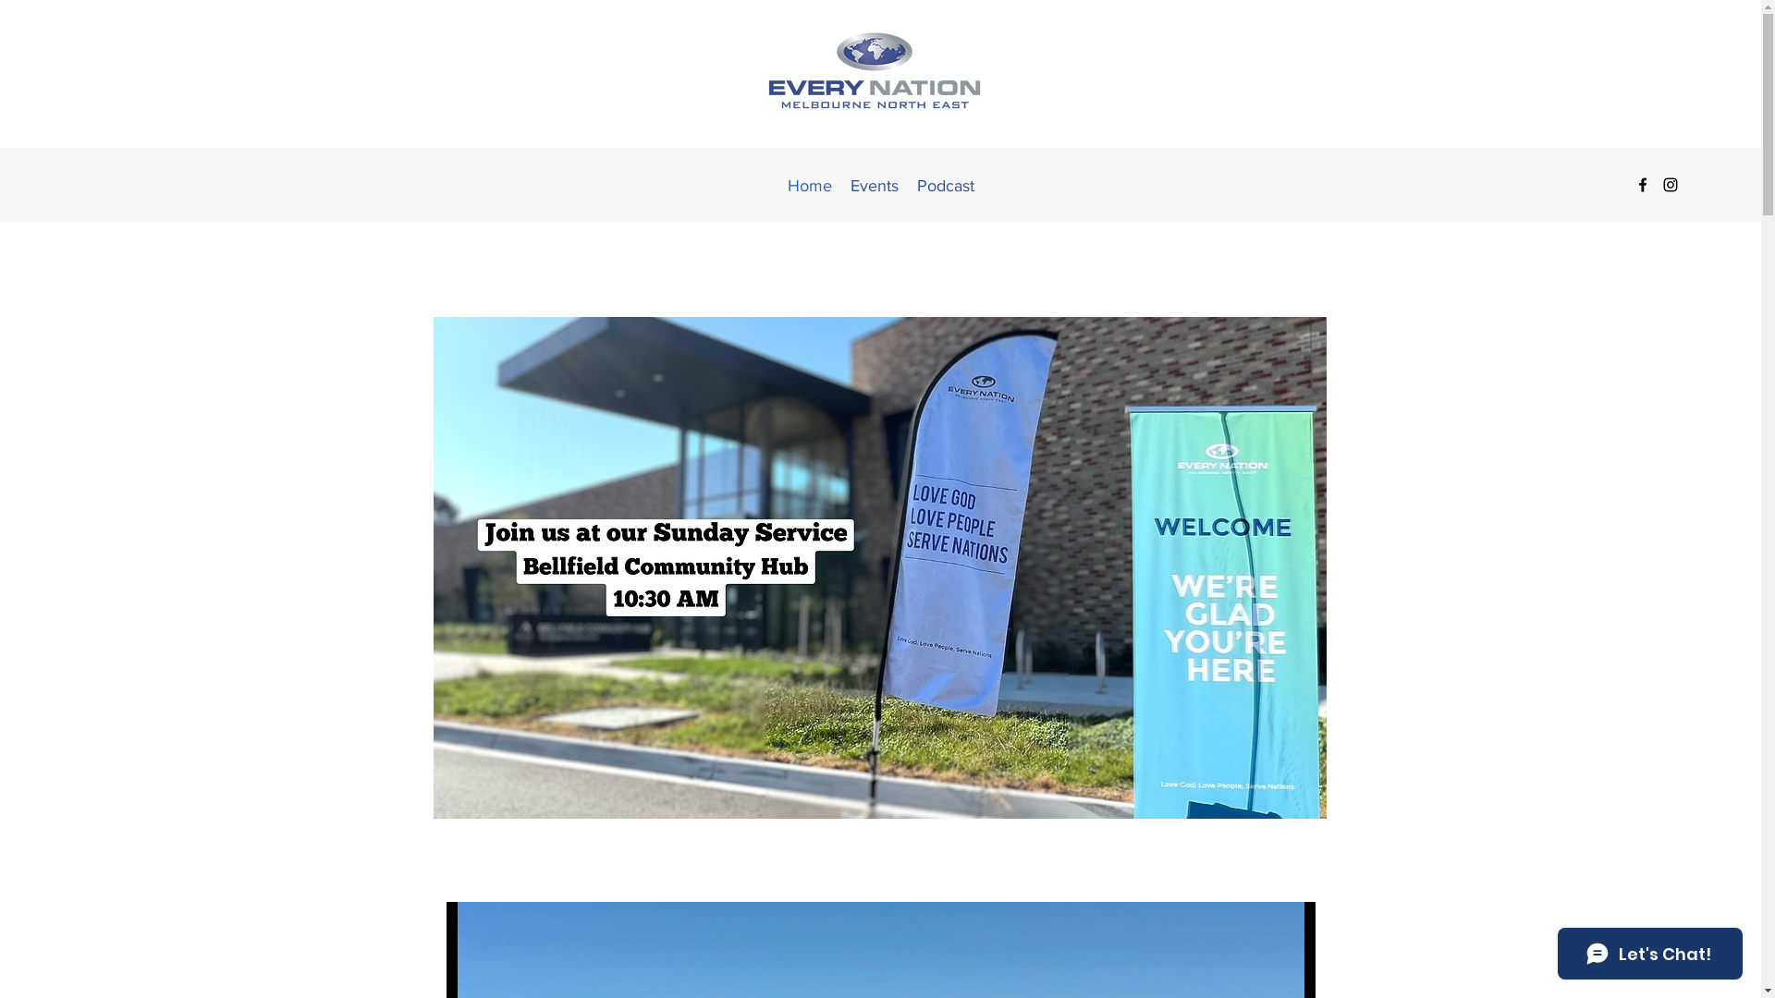 The height and width of the screenshot is (998, 1775). Describe the element at coordinates (809, 185) in the screenshot. I see `'Home'` at that location.